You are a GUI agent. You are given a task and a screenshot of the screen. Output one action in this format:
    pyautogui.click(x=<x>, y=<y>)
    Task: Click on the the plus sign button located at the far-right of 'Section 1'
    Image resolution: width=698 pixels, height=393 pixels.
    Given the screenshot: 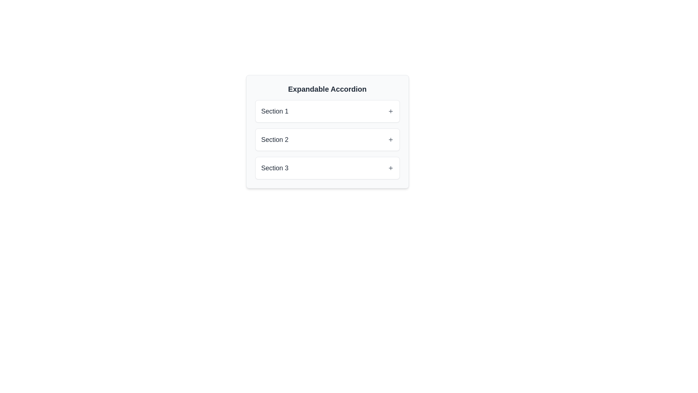 What is the action you would take?
    pyautogui.click(x=390, y=111)
    